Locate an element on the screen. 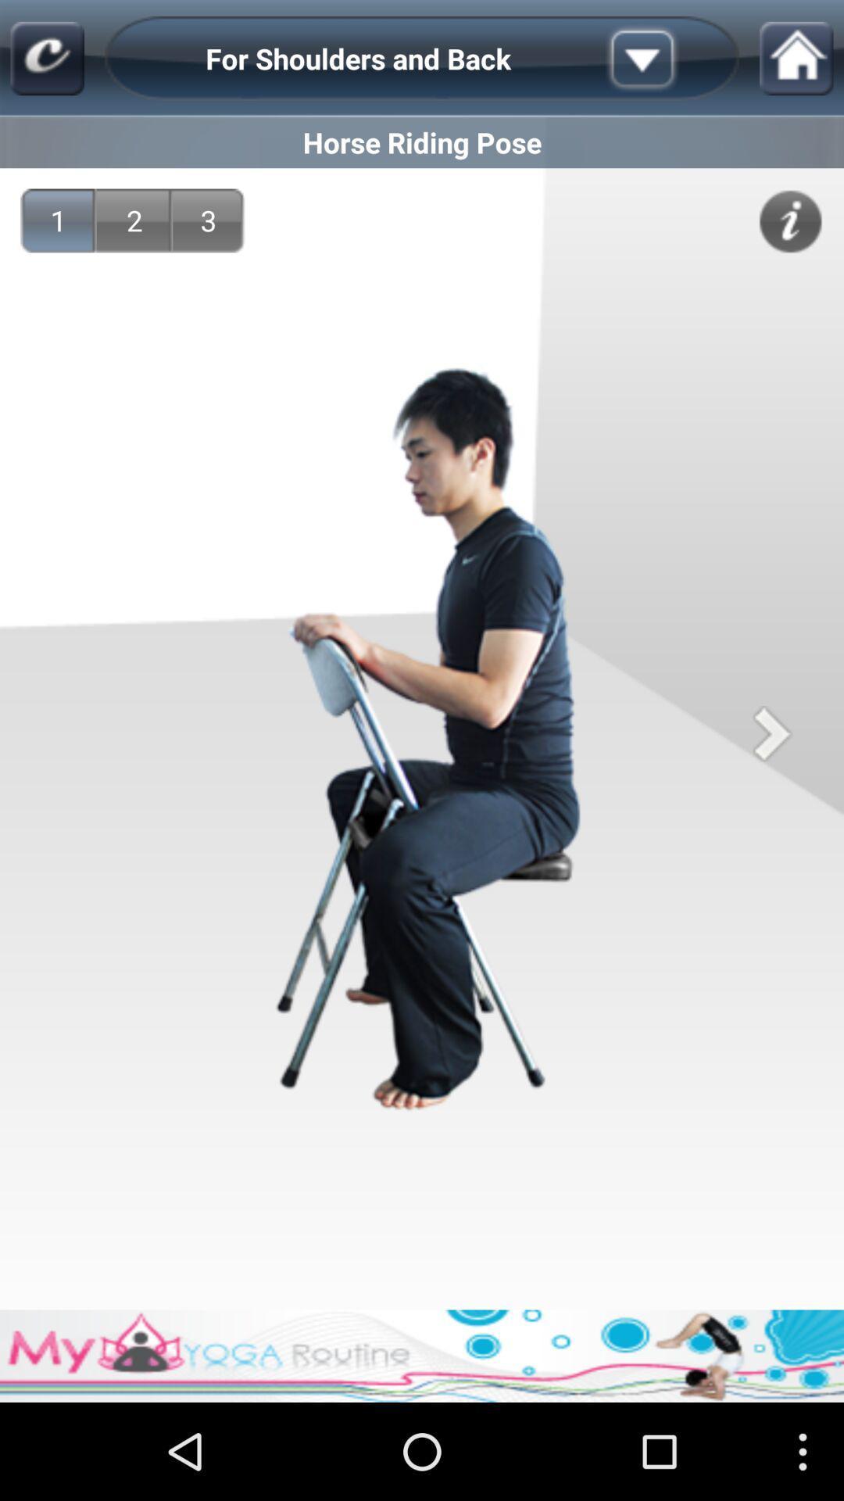 The image size is (844, 1501). item next to the for shoulders and item is located at coordinates (667, 59).